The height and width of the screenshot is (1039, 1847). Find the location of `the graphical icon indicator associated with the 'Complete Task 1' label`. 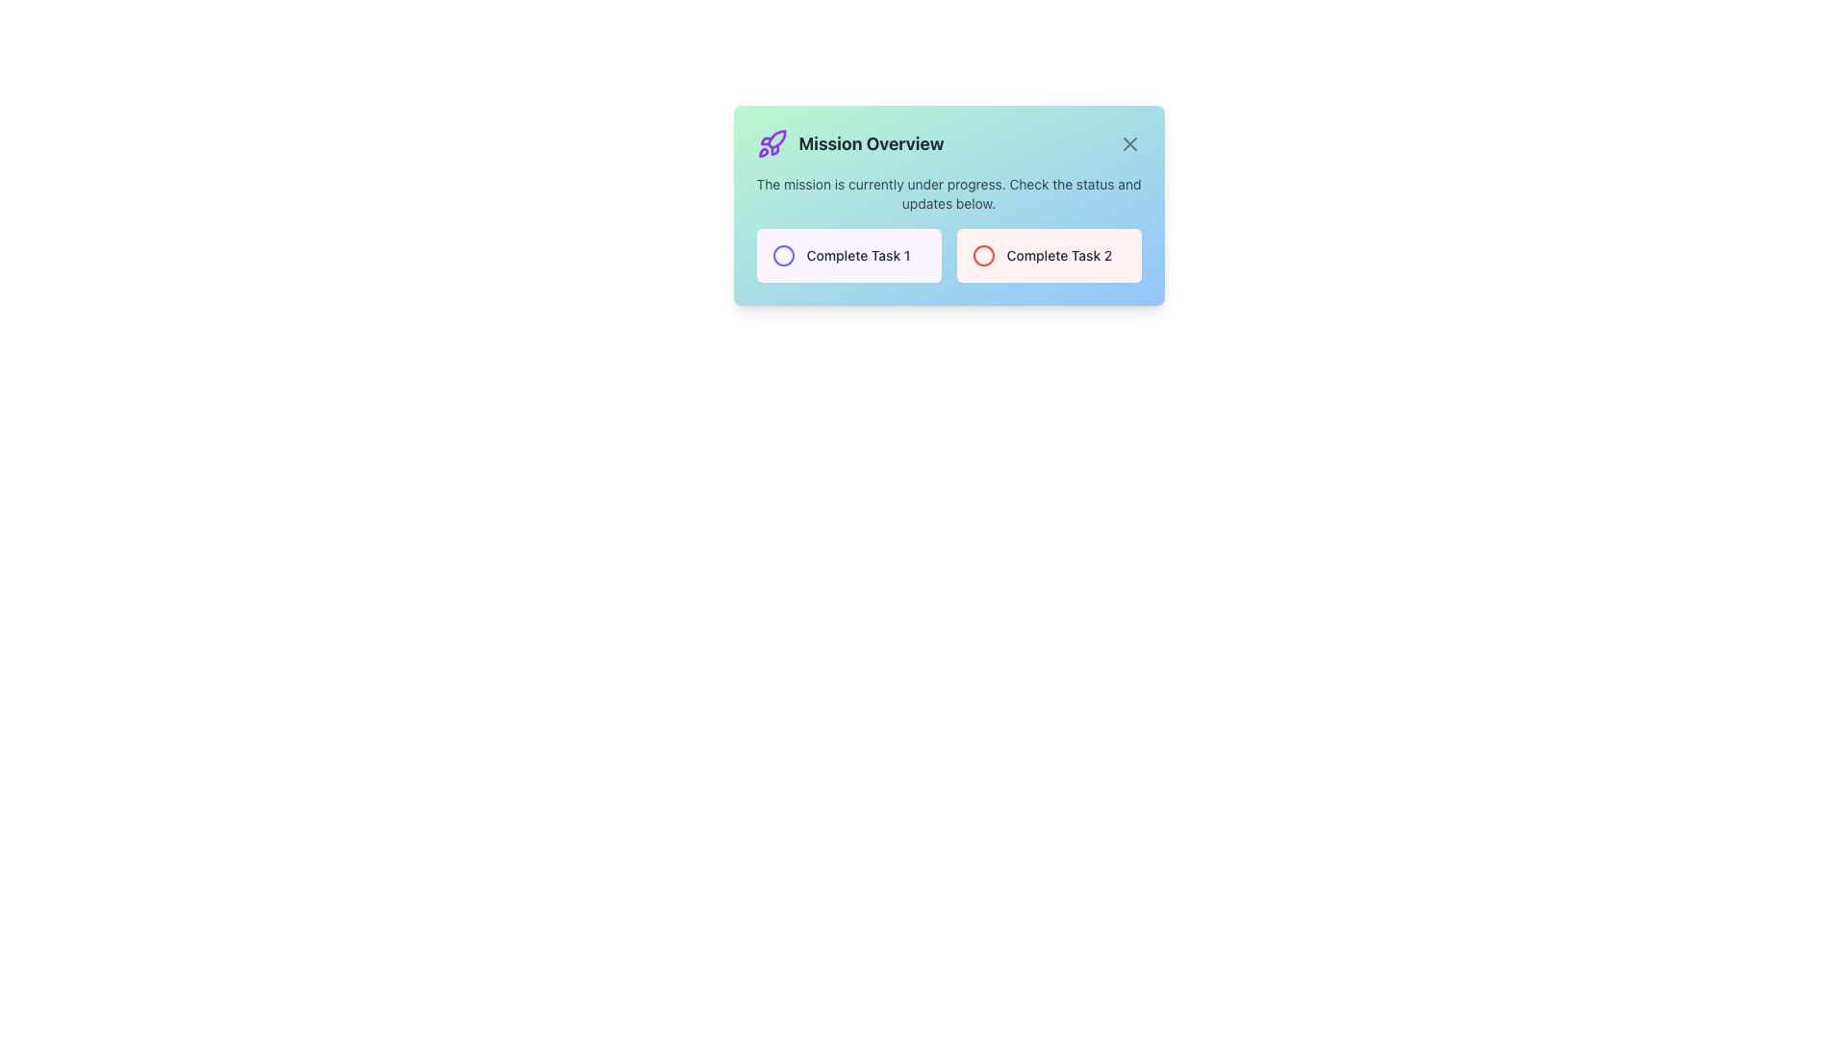

the graphical icon indicator associated with the 'Complete Task 1' label is located at coordinates (783, 255).